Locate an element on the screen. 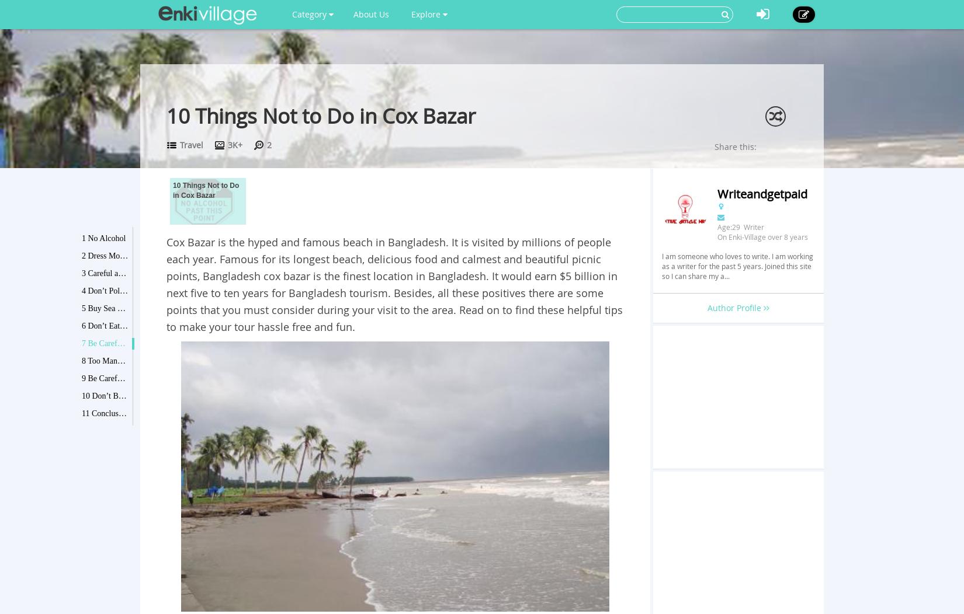 The image size is (964, 614). '3K+' is located at coordinates (228, 144).